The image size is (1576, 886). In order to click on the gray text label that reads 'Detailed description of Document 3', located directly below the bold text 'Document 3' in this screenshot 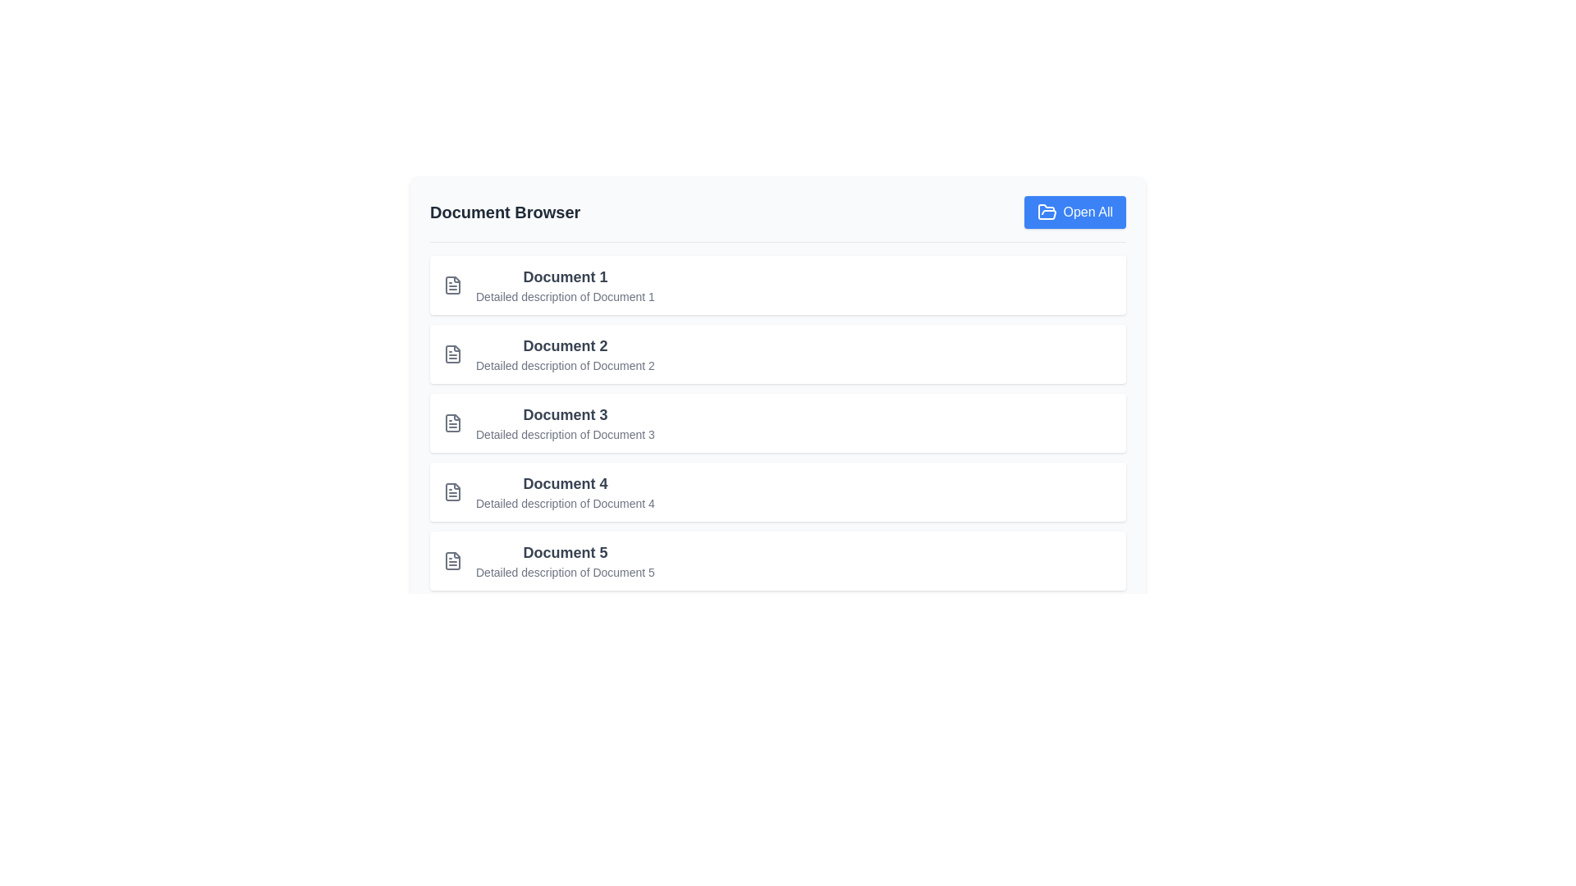, I will do `click(565, 433)`.